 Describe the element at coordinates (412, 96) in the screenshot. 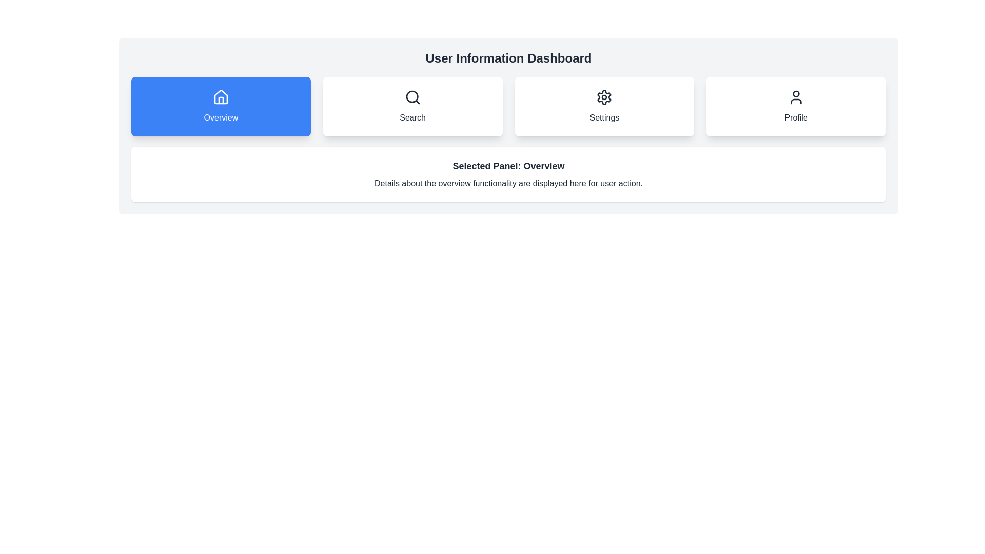

I see `the decorative SVG circle element of the magnifying glass icon, which indicates the search functionality within the search button located at the top center of the UI` at that location.